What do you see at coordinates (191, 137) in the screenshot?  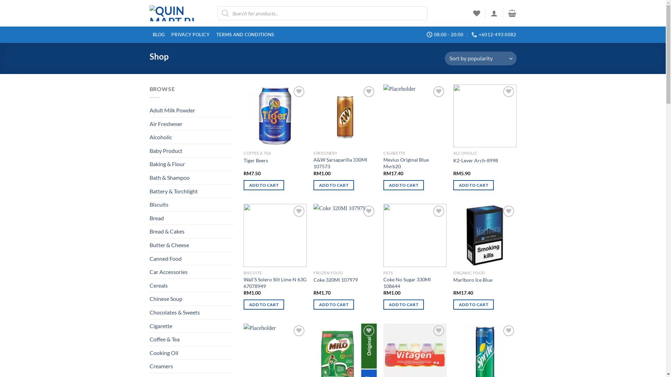 I see `'Alcoholic'` at bounding box center [191, 137].